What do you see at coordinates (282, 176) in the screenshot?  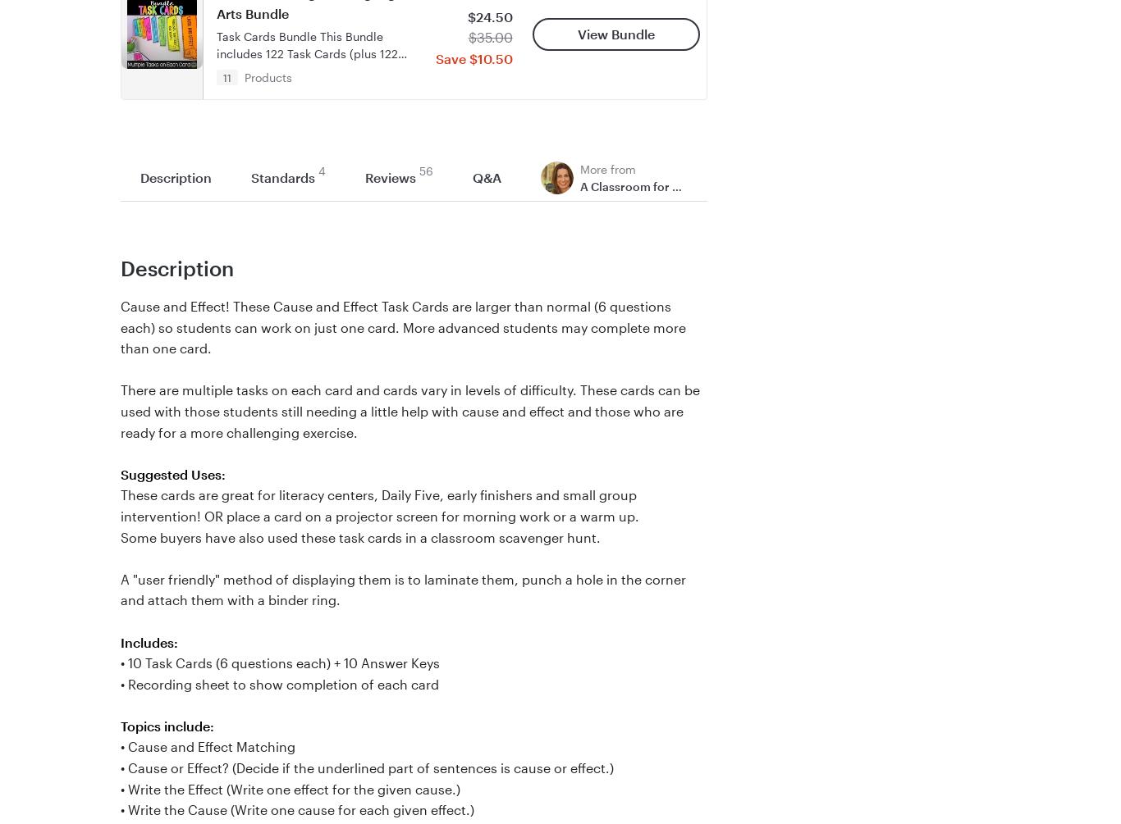 I see `'Standards'` at bounding box center [282, 176].